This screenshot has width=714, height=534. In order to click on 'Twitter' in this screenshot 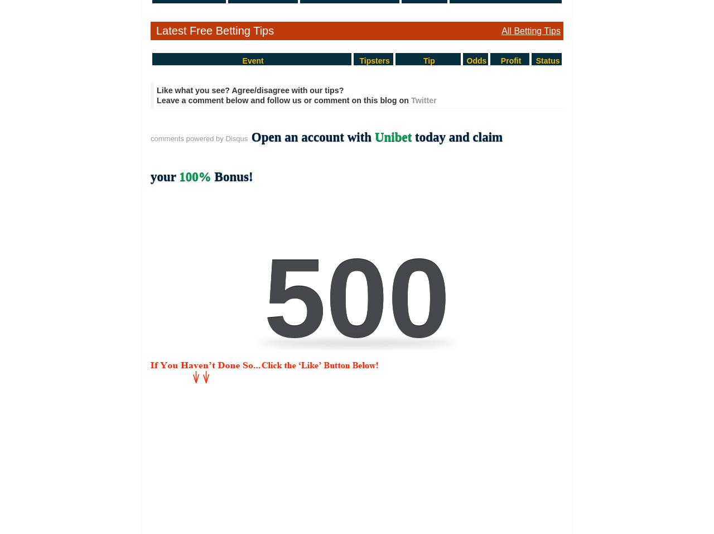, I will do `click(410, 100)`.